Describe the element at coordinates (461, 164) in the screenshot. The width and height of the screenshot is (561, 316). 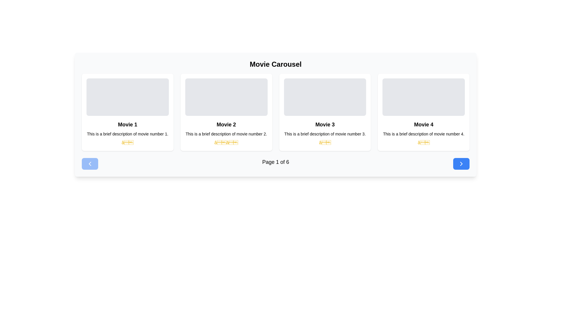
I see `the right-facing arrow button with a blue background located in the bottom-right corner of the movie carousel interface` at that location.